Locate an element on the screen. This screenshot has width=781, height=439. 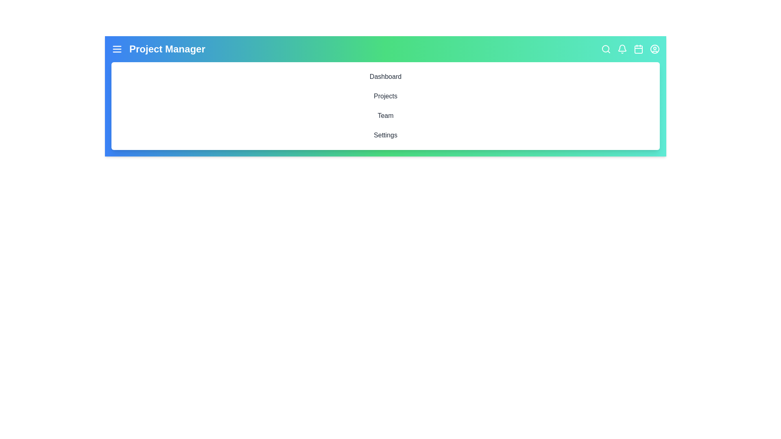
the interactive element UserCircle to inspect its hover effect is located at coordinates (654, 49).